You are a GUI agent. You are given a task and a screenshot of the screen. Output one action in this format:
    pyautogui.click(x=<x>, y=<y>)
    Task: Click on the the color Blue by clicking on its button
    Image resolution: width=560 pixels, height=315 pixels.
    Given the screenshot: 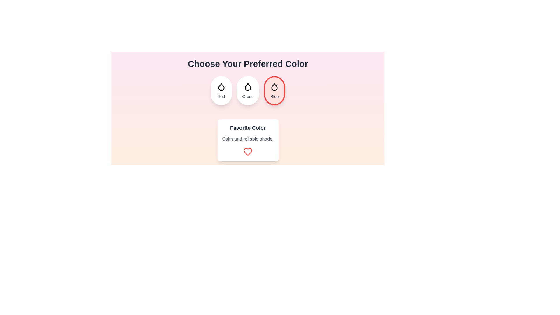 What is the action you would take?
    pyautogui.click(x=274, y=91)
    